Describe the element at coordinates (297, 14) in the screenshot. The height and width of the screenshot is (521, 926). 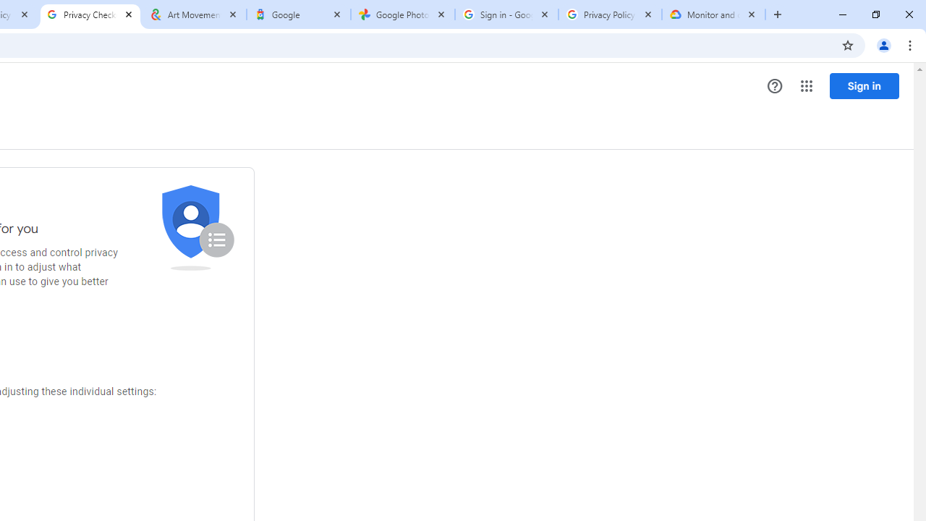
I see `'Google'` at that location.